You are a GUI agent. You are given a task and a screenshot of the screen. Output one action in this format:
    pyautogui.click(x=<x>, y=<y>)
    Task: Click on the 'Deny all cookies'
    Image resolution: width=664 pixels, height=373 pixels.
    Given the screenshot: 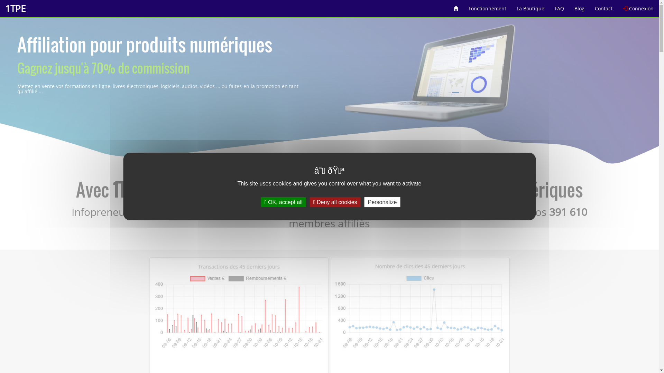 What is the action you would take?
    pyautogui.click(x=335, y=202)
    